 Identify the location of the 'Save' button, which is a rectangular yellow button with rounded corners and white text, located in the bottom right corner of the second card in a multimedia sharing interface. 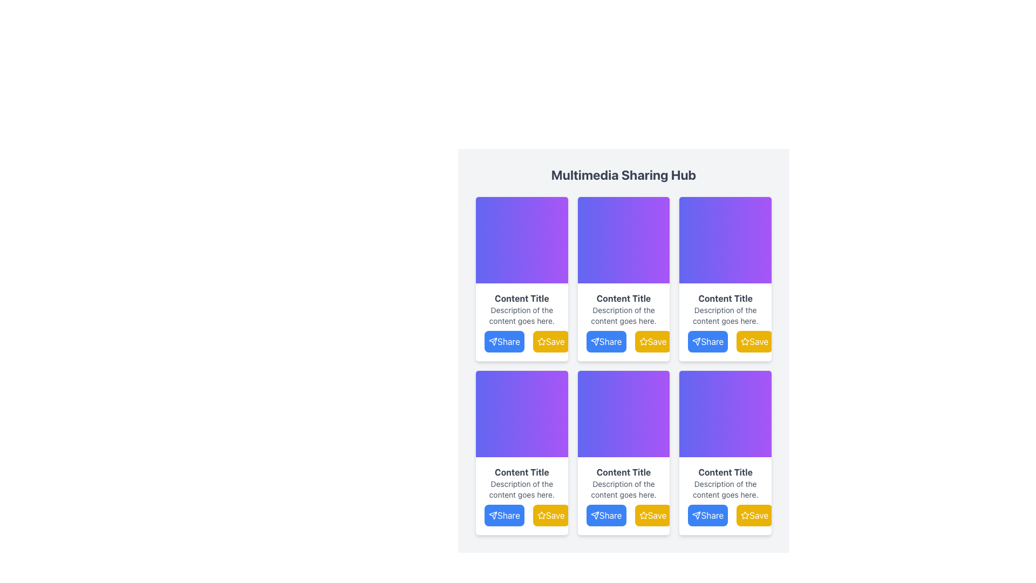
(652, 341).